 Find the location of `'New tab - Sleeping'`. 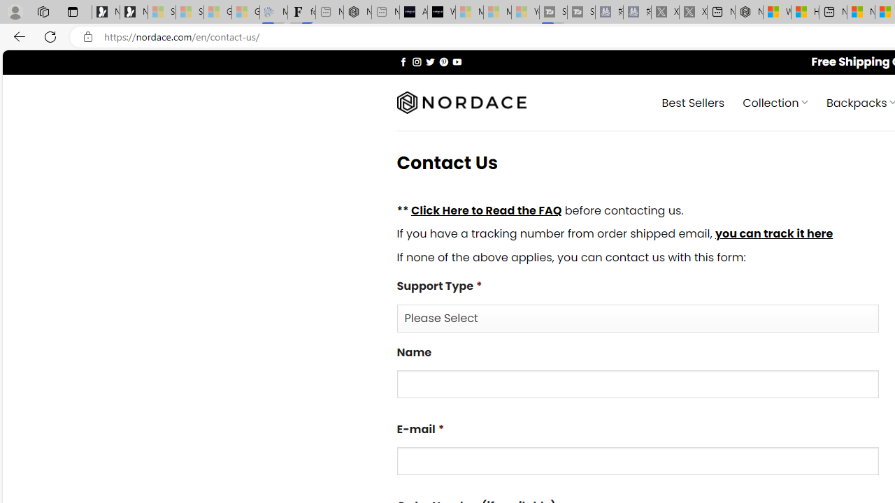

'New tab - Sleeping' is located at coordinates (385, 12).